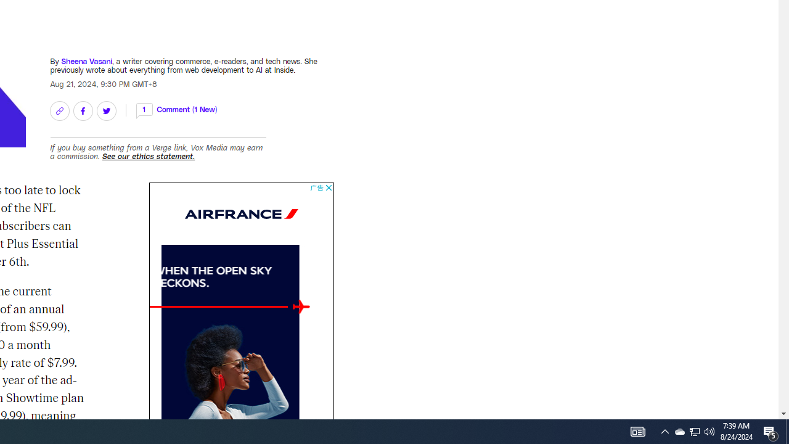  I want to click on '1 Comment (1 New)', so click(176, 108).